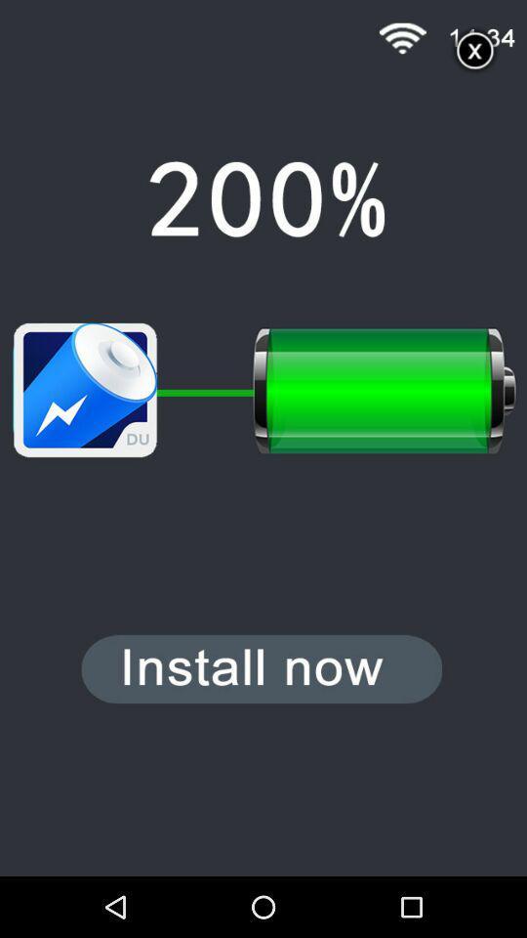  I want to click on the close icon, so click(474, 54).